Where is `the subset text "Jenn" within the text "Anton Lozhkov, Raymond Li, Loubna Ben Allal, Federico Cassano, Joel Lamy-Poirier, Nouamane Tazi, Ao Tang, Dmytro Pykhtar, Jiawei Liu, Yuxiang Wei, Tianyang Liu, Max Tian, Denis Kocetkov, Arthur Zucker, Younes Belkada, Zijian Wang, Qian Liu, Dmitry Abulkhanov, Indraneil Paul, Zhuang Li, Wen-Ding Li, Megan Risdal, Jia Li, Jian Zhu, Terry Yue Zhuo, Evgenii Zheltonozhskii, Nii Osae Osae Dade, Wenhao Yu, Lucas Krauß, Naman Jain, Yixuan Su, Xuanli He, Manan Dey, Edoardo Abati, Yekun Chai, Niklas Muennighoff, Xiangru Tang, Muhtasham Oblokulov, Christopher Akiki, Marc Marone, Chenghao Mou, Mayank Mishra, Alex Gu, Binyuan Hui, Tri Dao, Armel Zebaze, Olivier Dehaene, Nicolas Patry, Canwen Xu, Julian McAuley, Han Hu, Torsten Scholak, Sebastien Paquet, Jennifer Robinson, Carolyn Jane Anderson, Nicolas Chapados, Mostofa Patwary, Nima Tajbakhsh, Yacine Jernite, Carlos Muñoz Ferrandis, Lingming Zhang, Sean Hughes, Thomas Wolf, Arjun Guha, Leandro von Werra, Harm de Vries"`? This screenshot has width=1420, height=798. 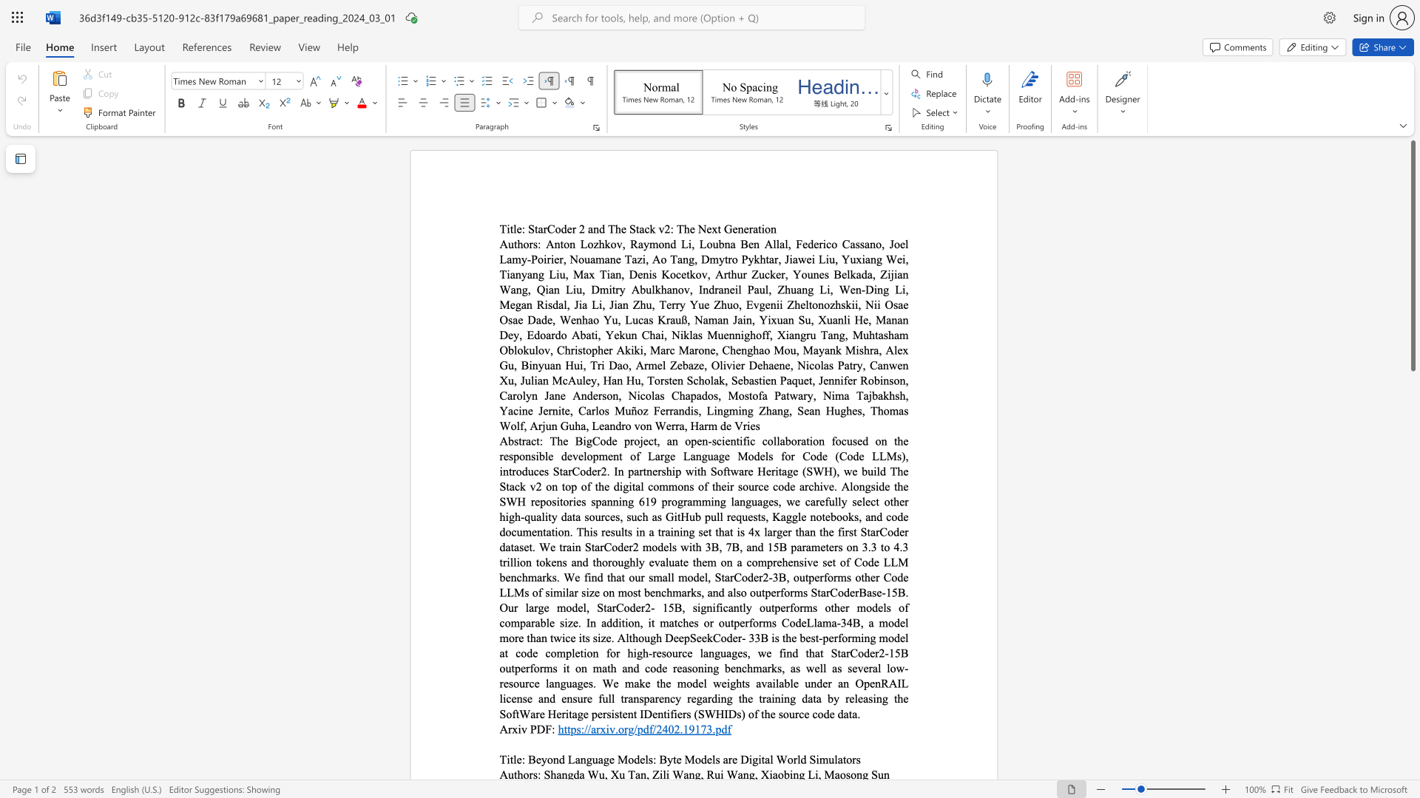
the subset text "Jenn" within the text "Anton Lozhkov, Raymond Li, Loubna Ben Allal, Federico Cassano, Joel Lamy-Poirier, Nouamane Tazi, Ao Tang, Dmytro Pykhtar, Jiawei Liu, Yuxiang Wei, Tianyang Liu, Max Tian, Denis Kocetkov, Arthur Zucker, Younes Belkada, Zijian Wang, Qian Liu, Dmitry Abulkhanov, Indraneil Paul, Zhuang Li, Wen-Ding Li, Megan Risdal, Jia Li, Jian Zhu, Terry Yue Zhuo, Evgenii Zheltonozhskii, Nii Osae Osae Dade, Wenhao Yu, Lucas Krauß, Naman Jain, Yixuan Su, Xuanli He, Manan Dey, Edoardo Abati, Yekun Chai, Niklas Muennighoff, Xiangru Tang, Muhtasham Oblokulov, Christopher Akiki, Marc Marone, Chenghao Mou, Mayank Mishra, Alex Gu, Binyuan Hui, Tri Dao, Armel Zebaze, Olivier Dehaene, Nicolas Patry, Canwen Xu, Julian McAuley, Han Hu, Torsten Scholak, Sebastien Paquet, Jennifer Robinson, Carolyn Jane Anderson, Nicolas Chapados, Mostofa Patwary, Nima Tajbakhsh, Yacine Jernite, Carlos Muñoz Ferrandis, Lingming Zhang, Sean Hughes, Thomas Wolf, Arjun Guha, Leandro von Werra, Harm de Vries" is located at coordinates (818, 380).